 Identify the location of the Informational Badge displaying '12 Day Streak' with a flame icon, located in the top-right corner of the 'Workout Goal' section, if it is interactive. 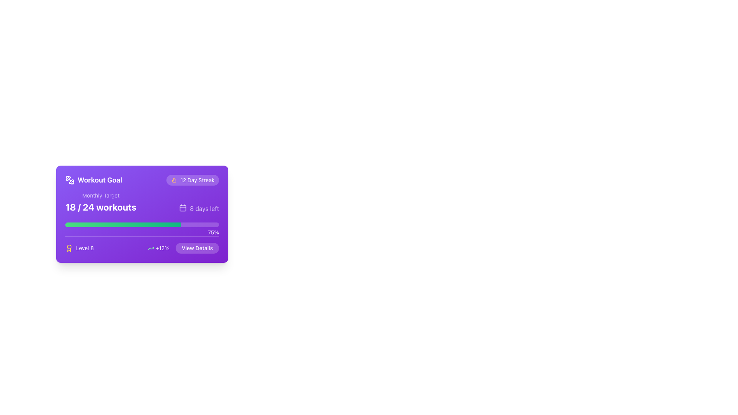
(193, 180).